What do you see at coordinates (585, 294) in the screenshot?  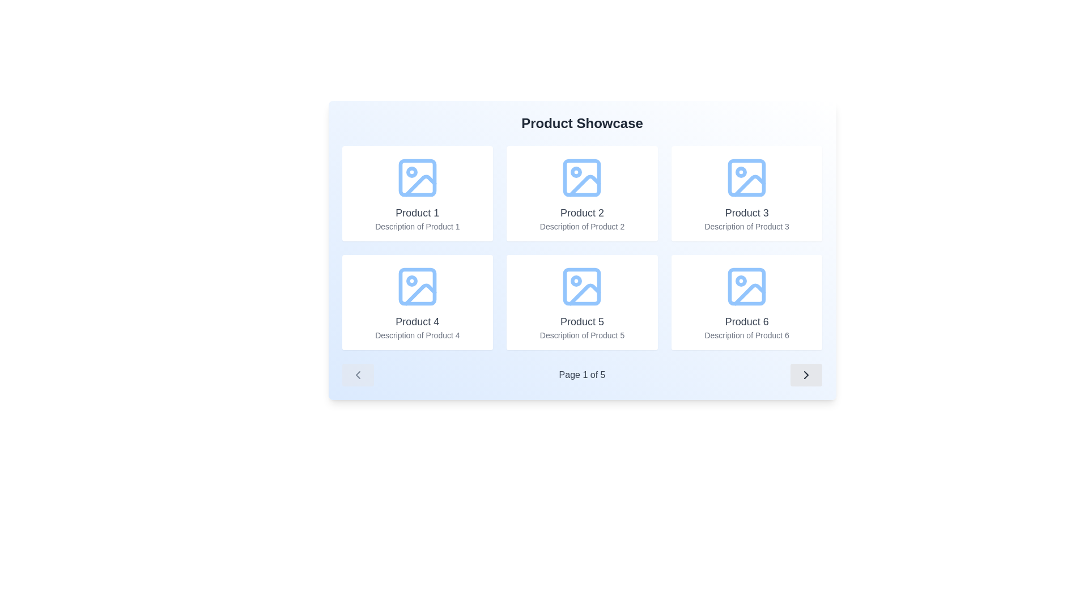 I see `the iconic vector graphic resembling a downward-pointing line within the blue-tinted rectangular outline in the center image placeholder of the second row and first column in the grid` at bounding box center [585, 294].